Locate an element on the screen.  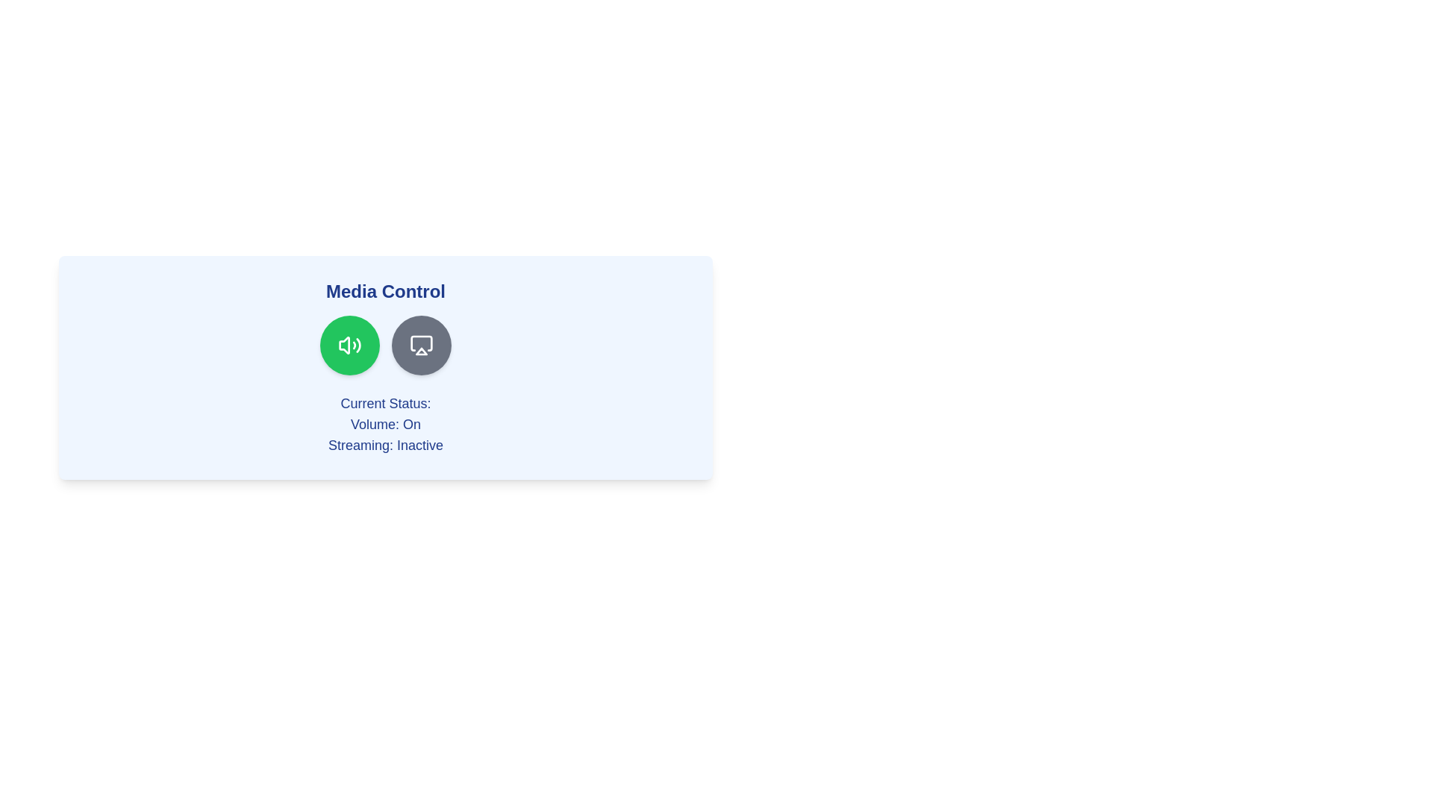
the 'Toggle Streaming' button to toggle the streaming state is located at coordinates (421, 345).